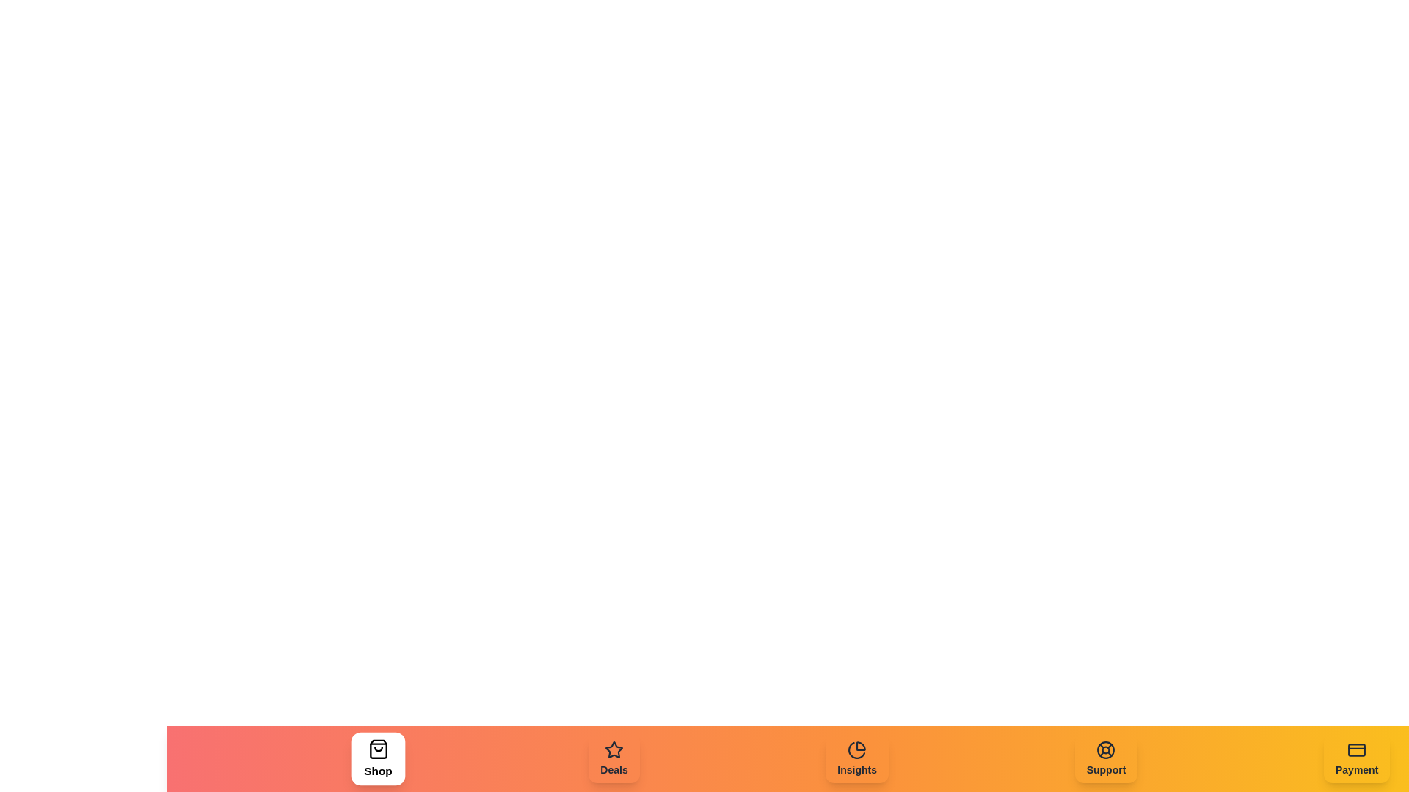 Image resolution: width=1409 pixels, height=792 pixels. Describe the element at coordinates (614, 758) in the screenshot. I see `the Deals element in the navigation bar` at that location.